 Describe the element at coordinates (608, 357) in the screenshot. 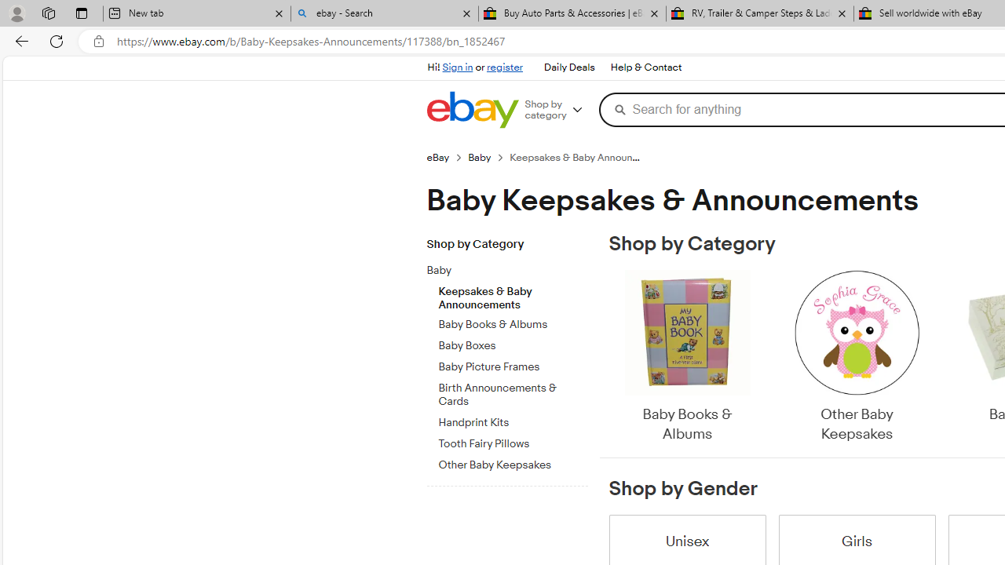

I see `'Go to previous slide'` at that location.